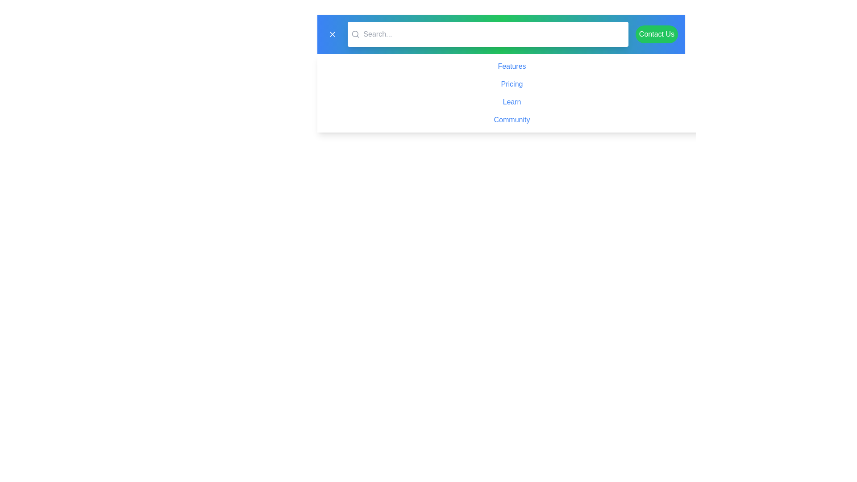  What do you see at coordinates (512, 66) in the screenshot?
I see `the 'Features' hyperlink text link, which is horizontally centered in blue font and located below the search bar` at bounding box center [512, 66].